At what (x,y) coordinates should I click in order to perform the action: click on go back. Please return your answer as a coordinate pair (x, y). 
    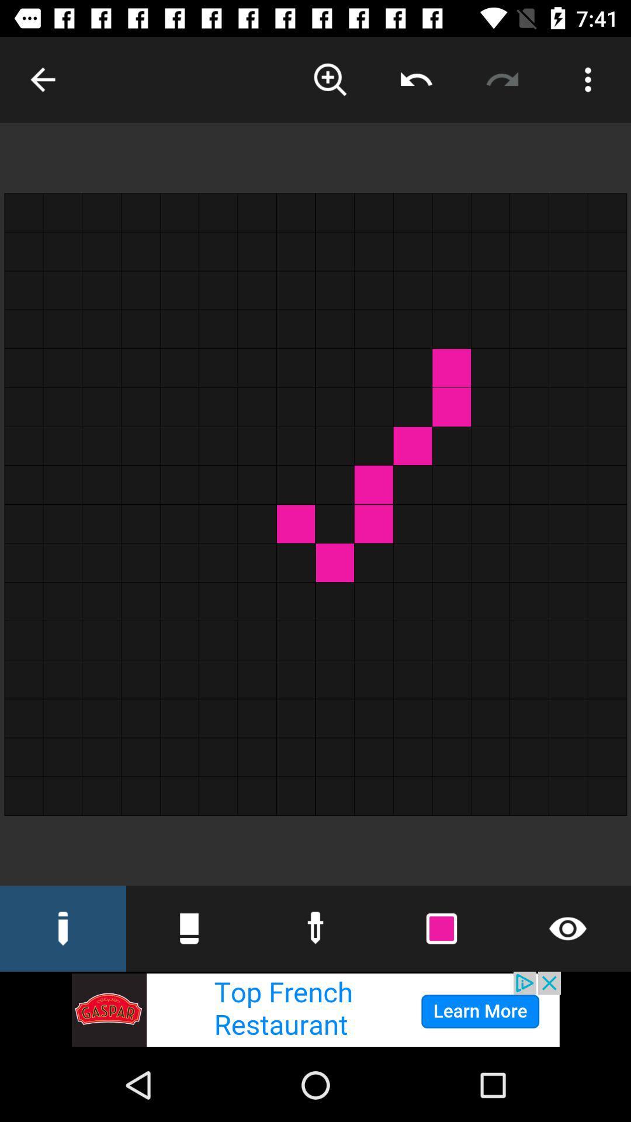
    Looking at the image, I should click on (42, 79).